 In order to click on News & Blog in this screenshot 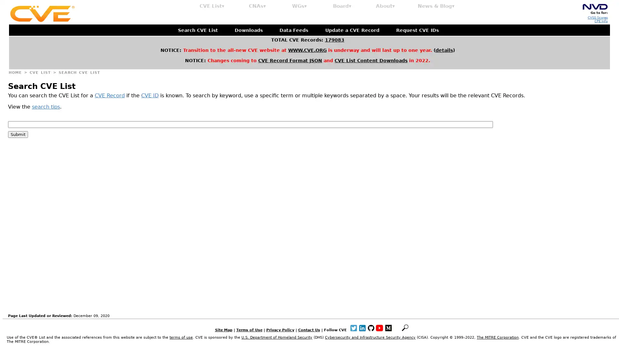, I will do `click(436, 6)`.